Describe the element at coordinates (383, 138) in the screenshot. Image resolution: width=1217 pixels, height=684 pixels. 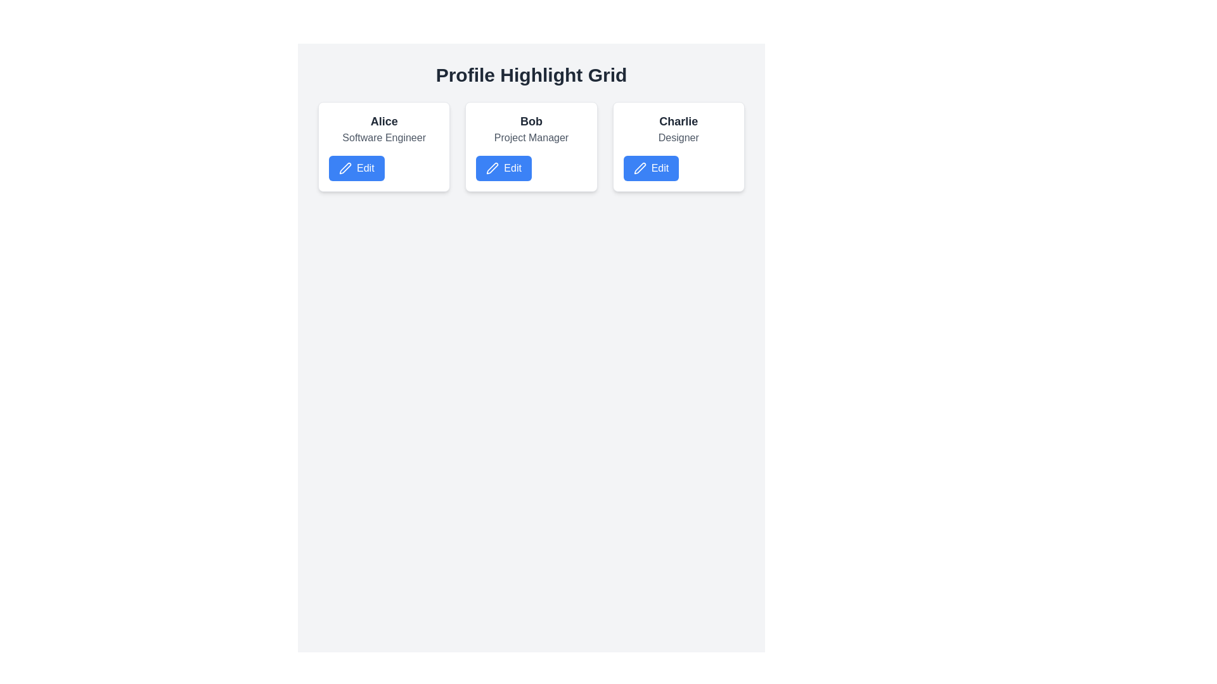
I see `the static text element displaying the job title of Alice, located in the profile card between her name and the Edit button` at that location.